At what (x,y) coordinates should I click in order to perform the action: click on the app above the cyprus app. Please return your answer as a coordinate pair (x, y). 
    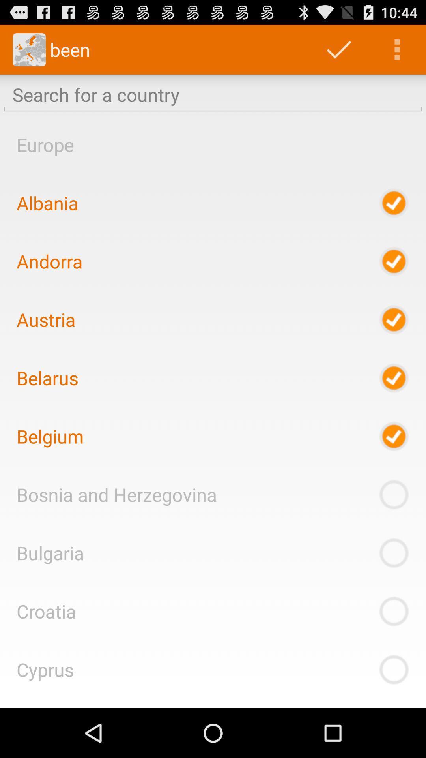
    Looking at the image, I should click on (46, 611).